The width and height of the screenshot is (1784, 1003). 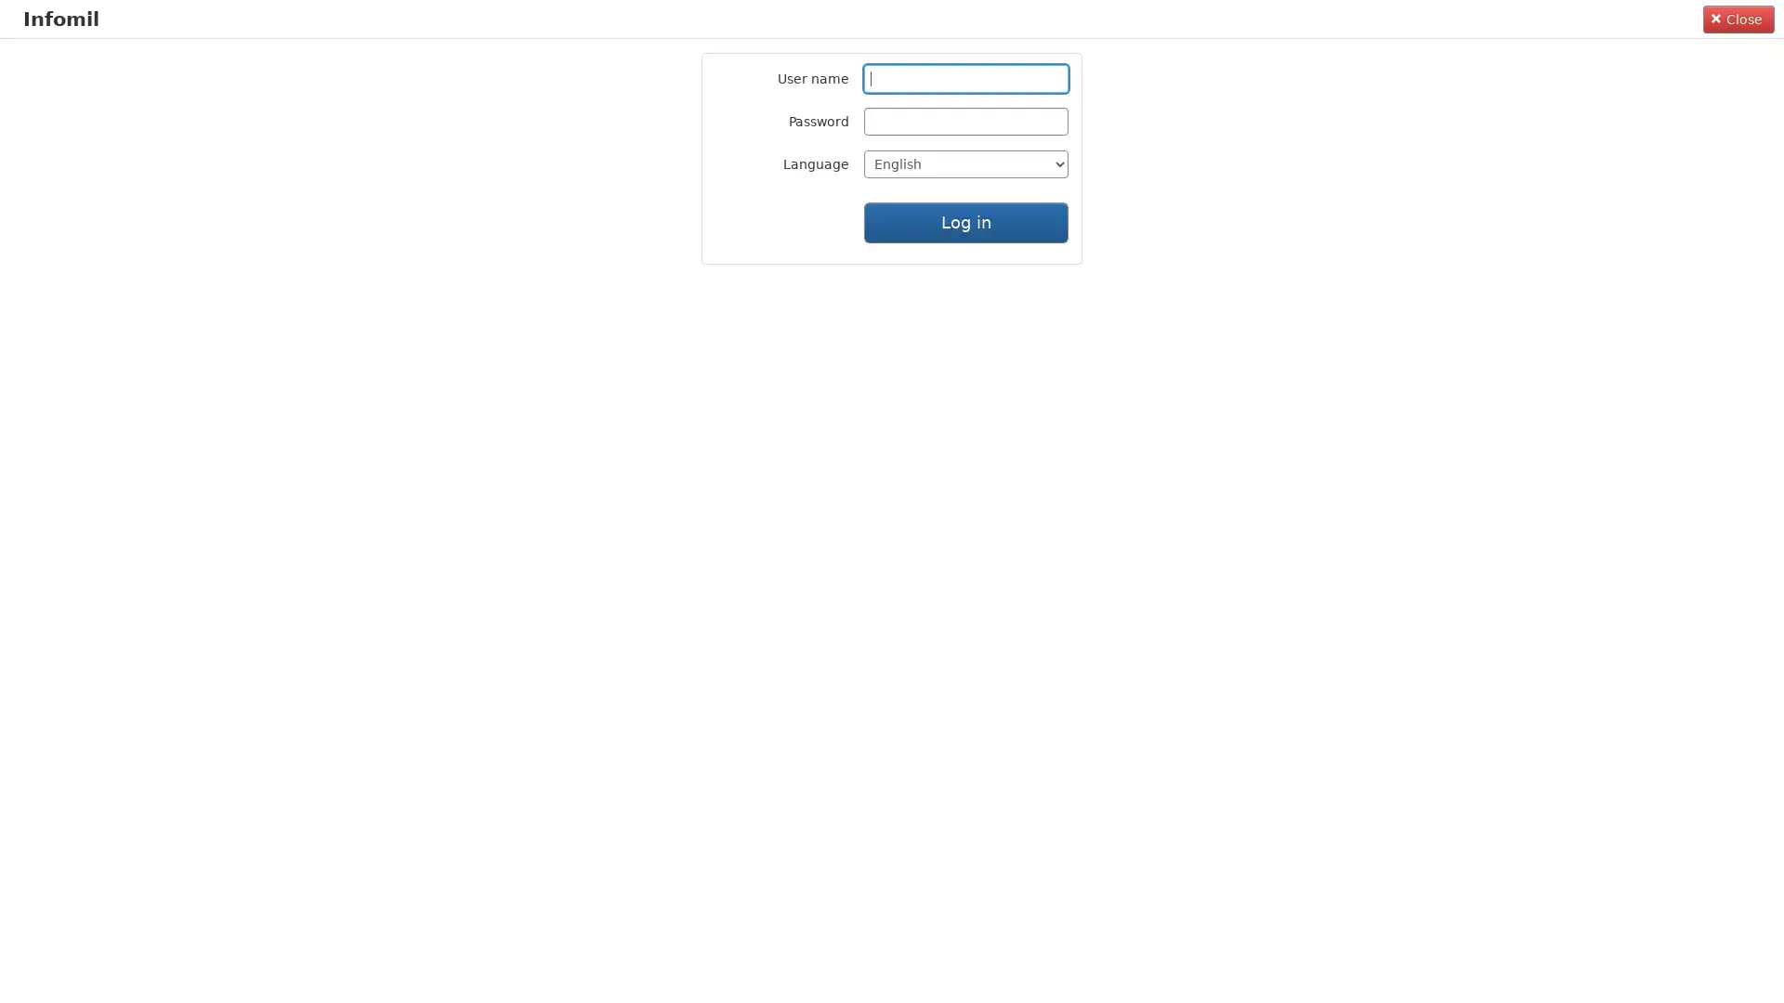 I want to click on Log in, so click(x=966, y=221).